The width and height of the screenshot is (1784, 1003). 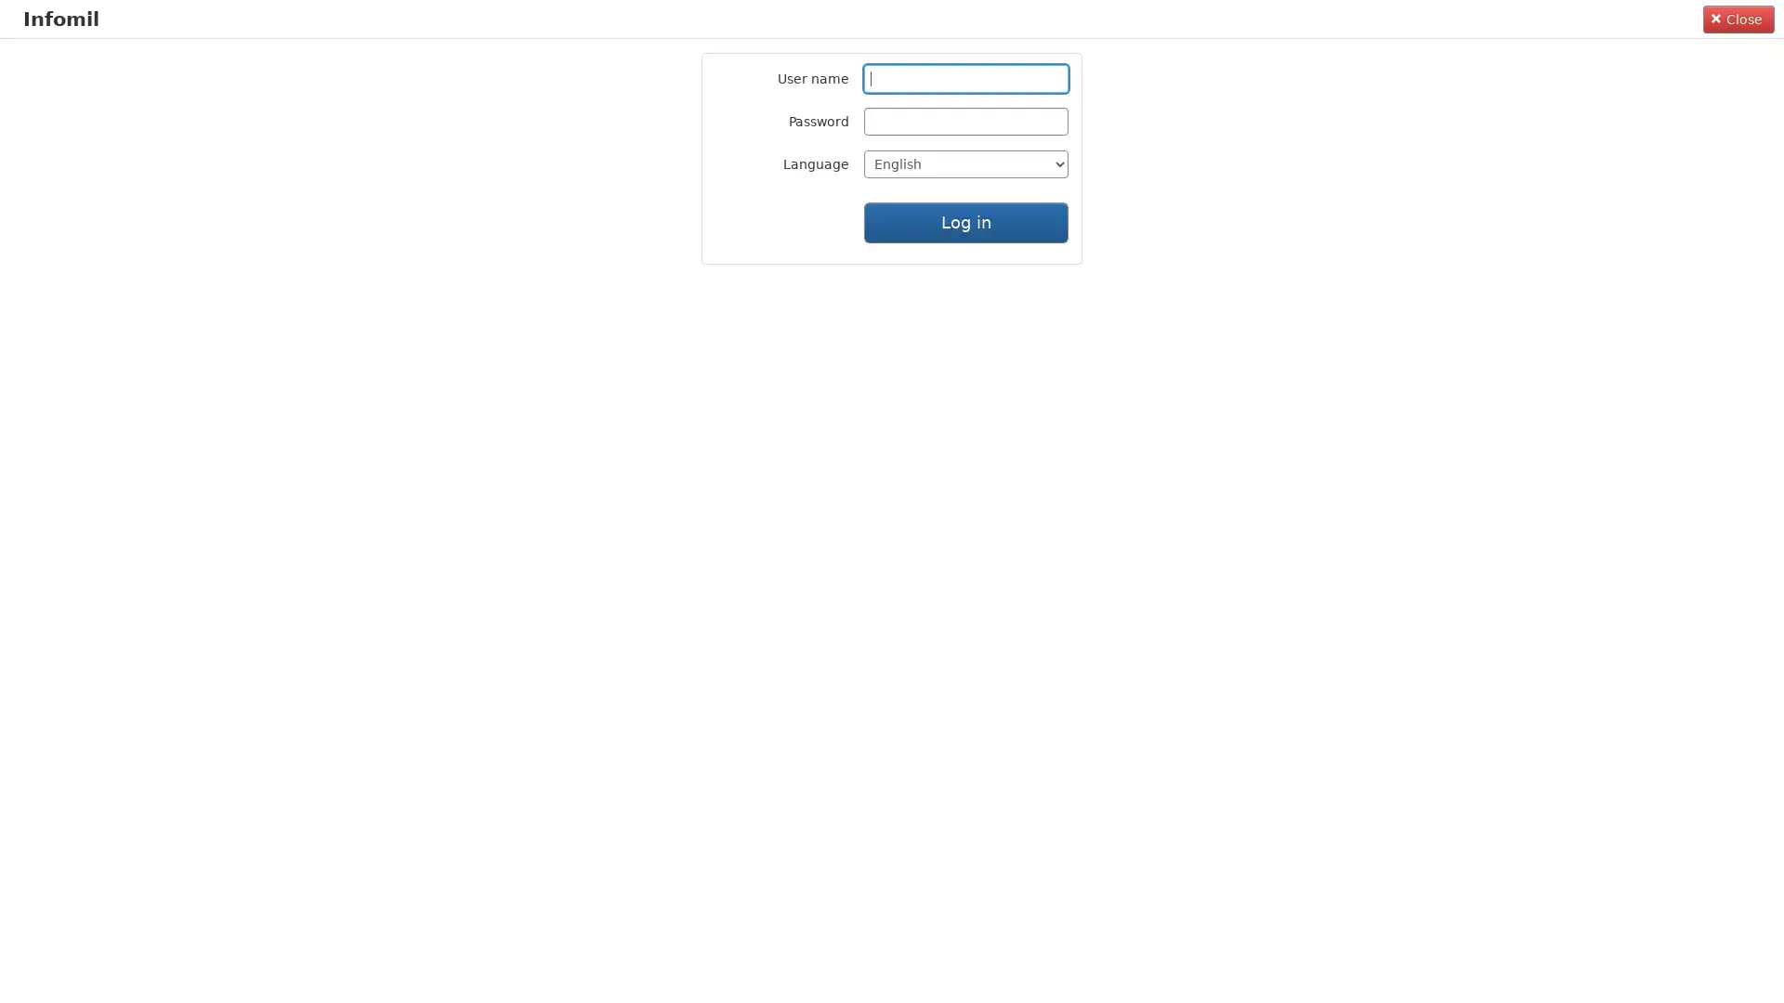 I want to click on Log in, so click(x=966, y=221).